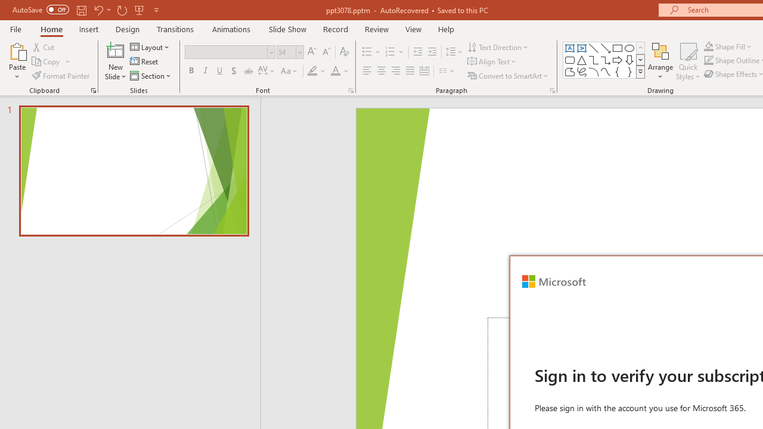 The image size is (763, 429). What do you see at coordinates (606, 60) in the screenshot?
I see `'Connector: Elbow Arrow'` at bounding box center [606, 60].